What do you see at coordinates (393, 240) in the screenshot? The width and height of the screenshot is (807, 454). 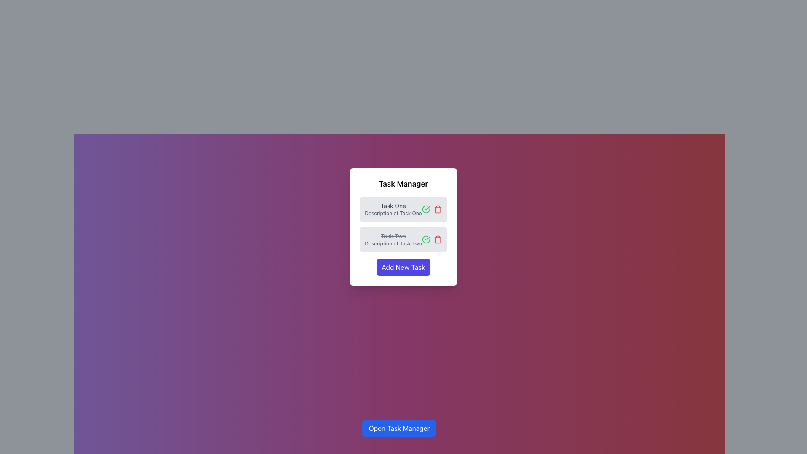 I see `the text display that shows 'Task Two' with a strikethrough style and 'Description of Task Two' below it, located in the second task card of the task manager interface` at bounding box center [393, 240].